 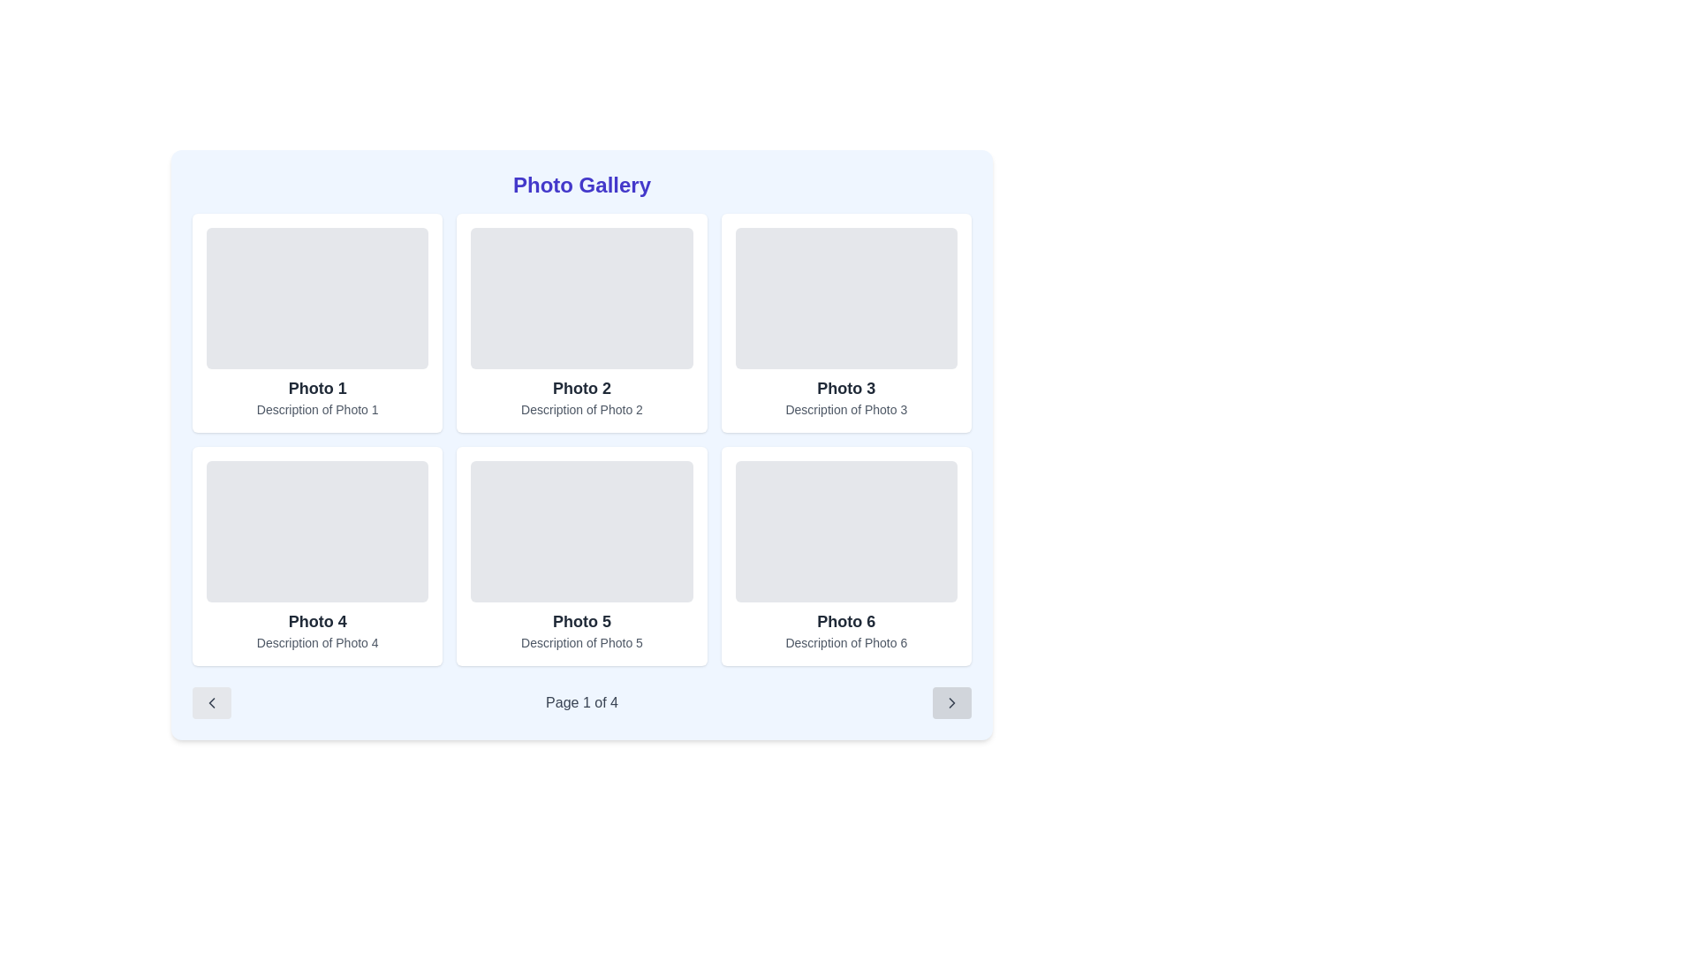 I want to click on the text label displaying 'Photo 4' in bold dark gray font, located in the bottom-left cell of a 3x2 grid, positioned within a card layout, so click(x=317, y=621).